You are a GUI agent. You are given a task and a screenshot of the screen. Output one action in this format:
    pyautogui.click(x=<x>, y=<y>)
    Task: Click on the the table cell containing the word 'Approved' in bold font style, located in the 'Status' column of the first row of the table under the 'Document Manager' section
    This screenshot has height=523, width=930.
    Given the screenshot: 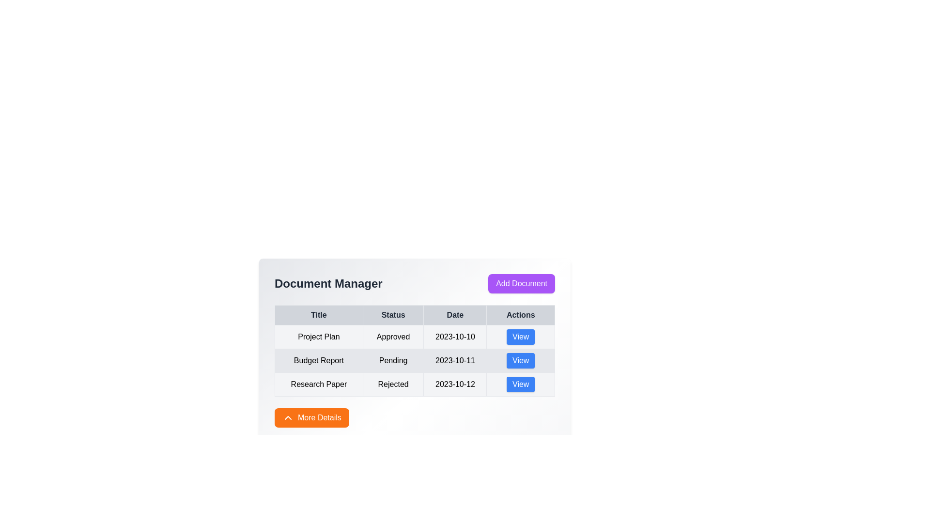 What is the action you would take?
    pyautogui.click(x=415, y=340)
    